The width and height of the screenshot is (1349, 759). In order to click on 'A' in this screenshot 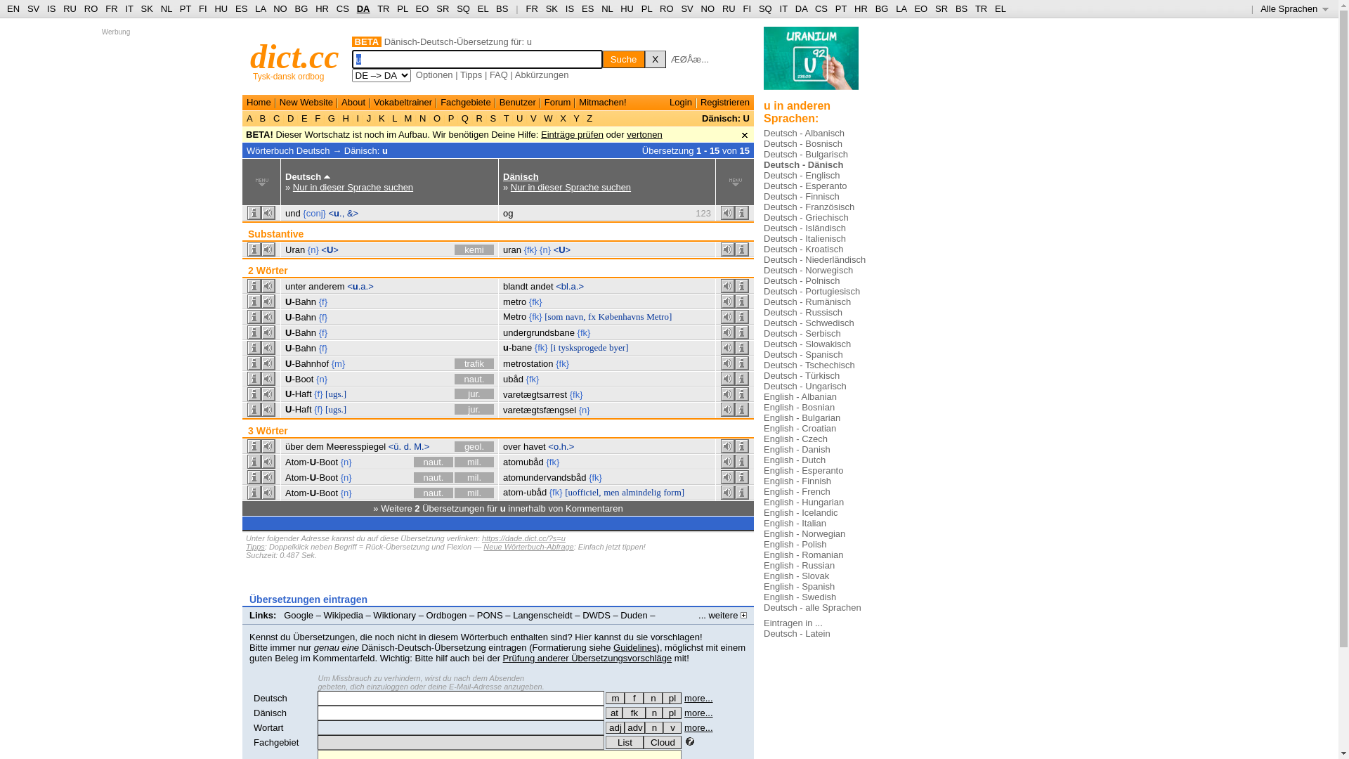, I will do `click(250, 117)`.